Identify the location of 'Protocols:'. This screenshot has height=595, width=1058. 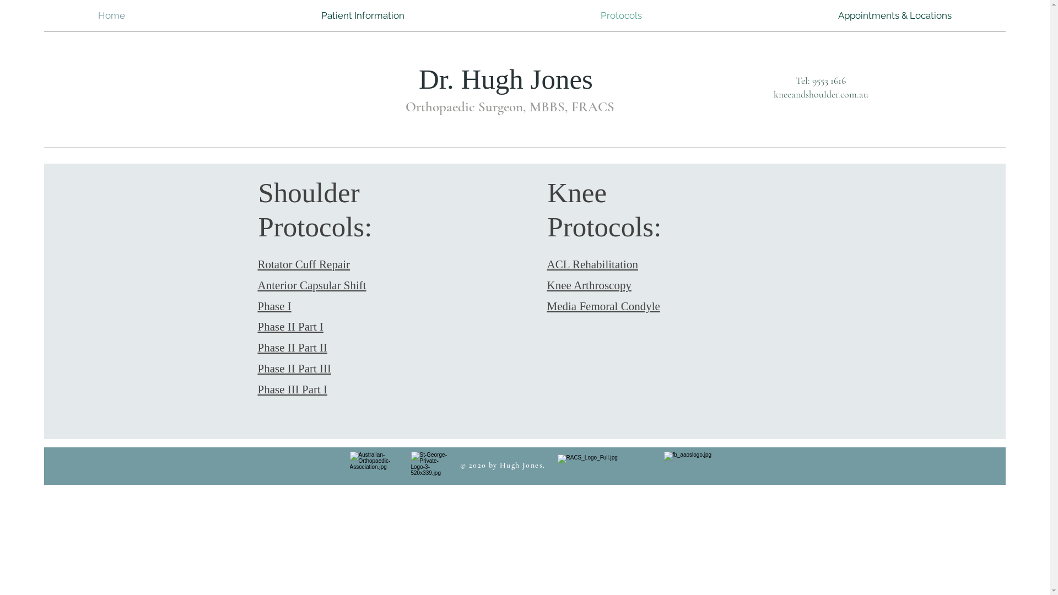
(547, 226).